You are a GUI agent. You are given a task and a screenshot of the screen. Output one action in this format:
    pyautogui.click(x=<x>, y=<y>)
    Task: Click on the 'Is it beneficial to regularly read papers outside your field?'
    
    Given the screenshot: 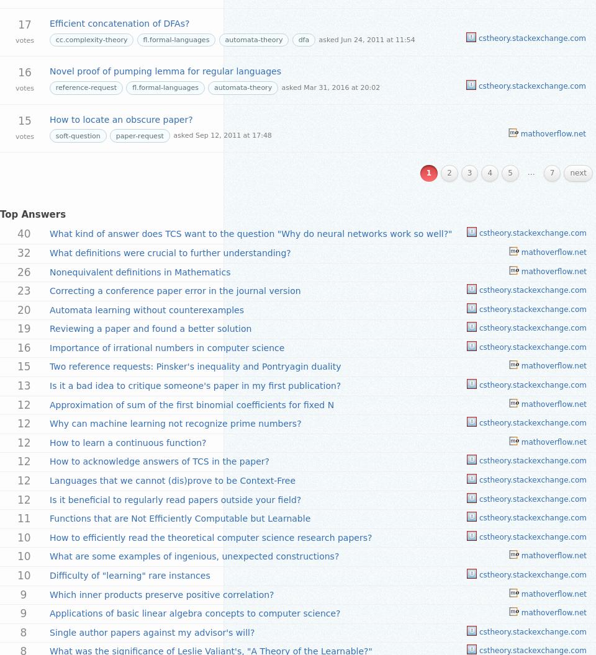 What is the action you would take?
    pyautogui.click(x=174, y=499)
    